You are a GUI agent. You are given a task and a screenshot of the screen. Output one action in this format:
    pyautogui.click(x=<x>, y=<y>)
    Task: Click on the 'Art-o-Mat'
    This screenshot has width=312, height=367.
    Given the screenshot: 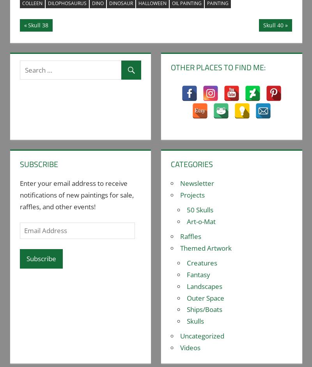 What is the action you would take?
    pyautogui.click(x=201, y=221)
    